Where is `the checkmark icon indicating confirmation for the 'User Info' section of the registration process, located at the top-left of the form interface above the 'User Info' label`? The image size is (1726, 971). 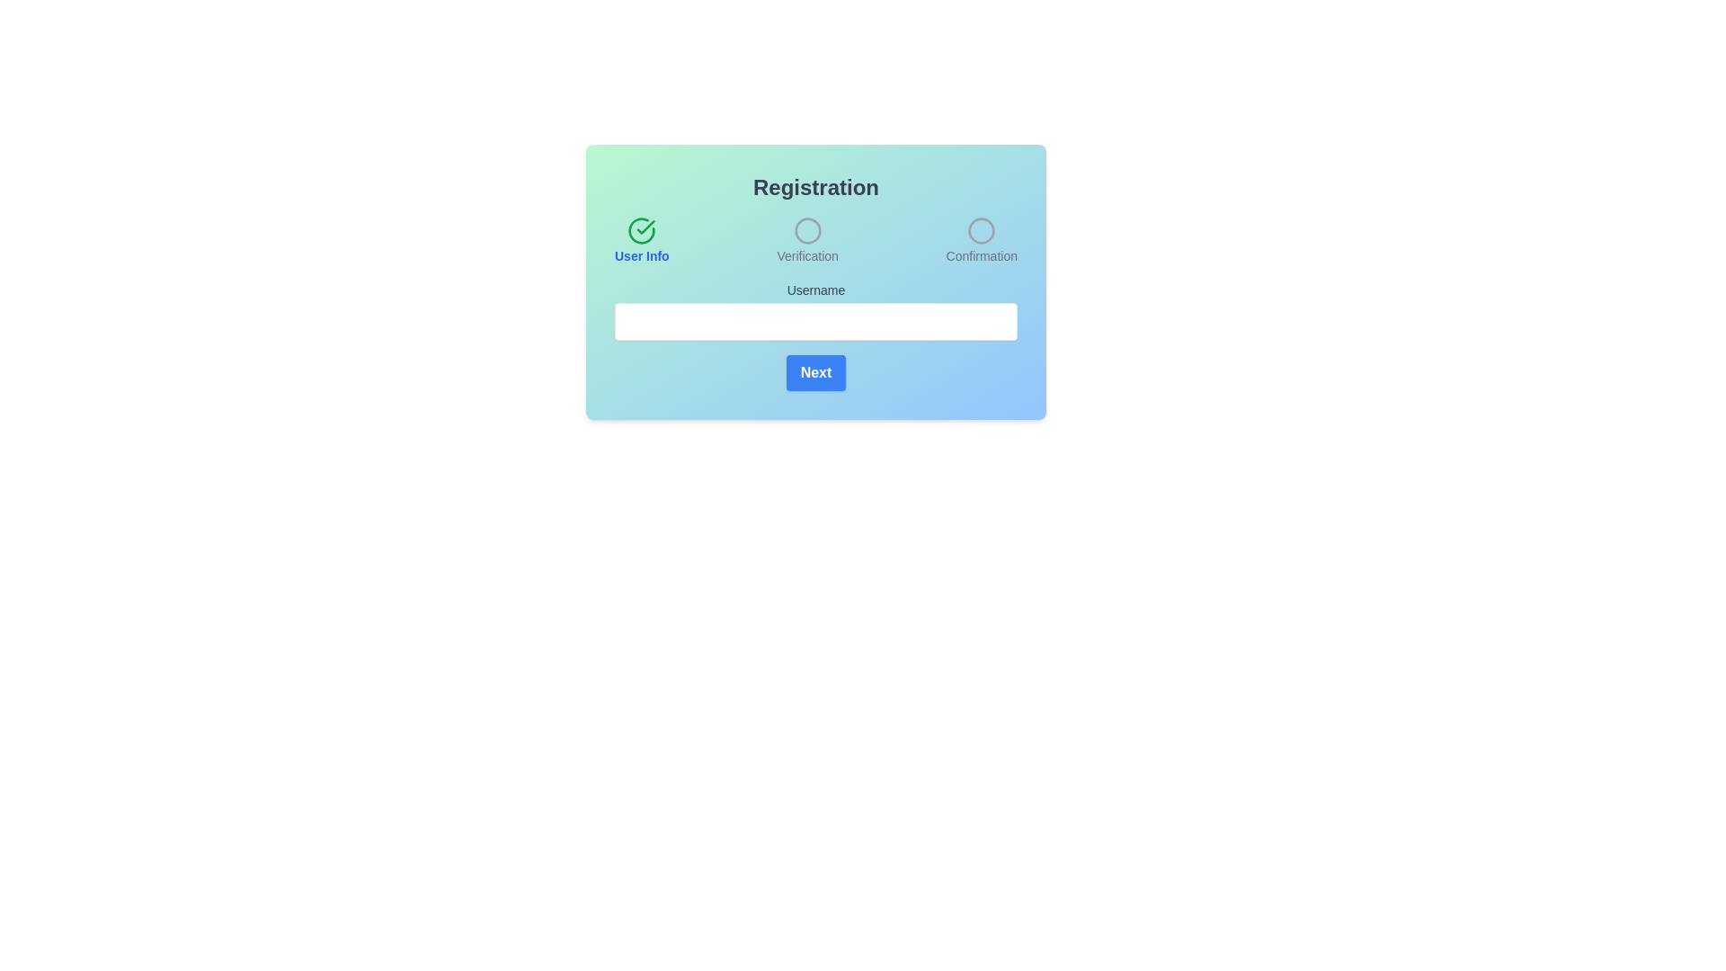
the checkmark icon indicating confirmation for the 'User Info' section of the registration process, located at the top-left of the form interface above the 'User Info' label is located at coordinates (646, 227).